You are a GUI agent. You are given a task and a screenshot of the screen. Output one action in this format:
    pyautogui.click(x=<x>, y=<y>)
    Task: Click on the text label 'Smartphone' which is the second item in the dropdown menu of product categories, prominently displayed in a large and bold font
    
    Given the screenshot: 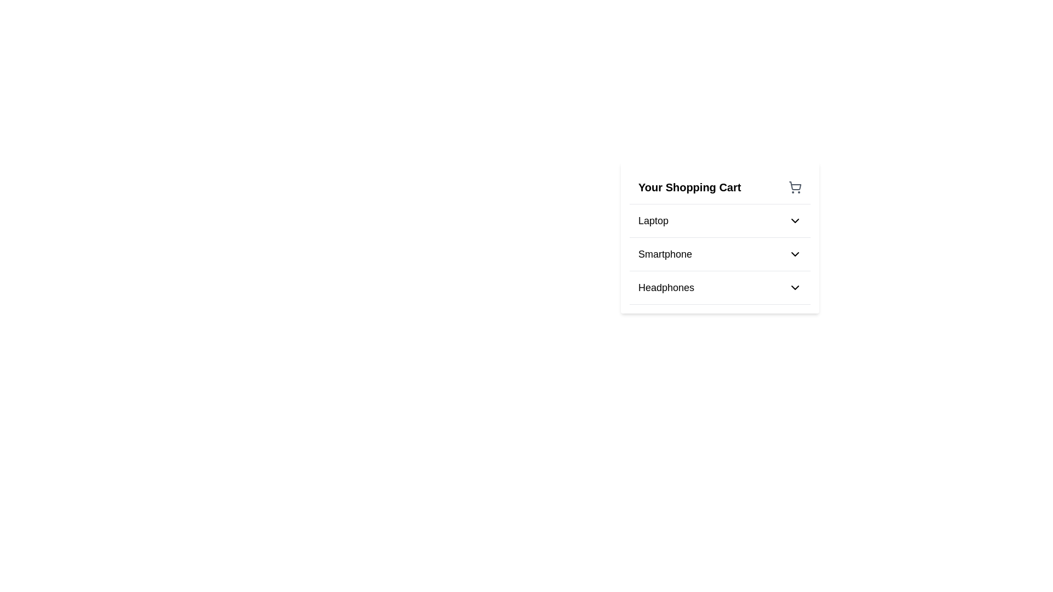 What is the action you would take?
    pyautogui.click(x=665, y=254)
    